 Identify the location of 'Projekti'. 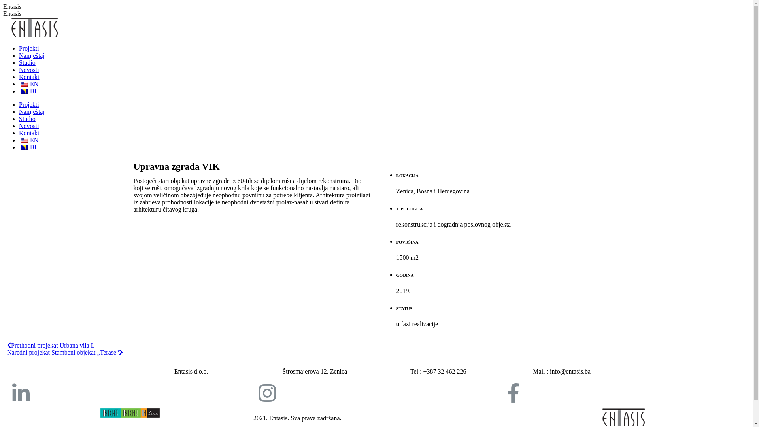
(29, 104).